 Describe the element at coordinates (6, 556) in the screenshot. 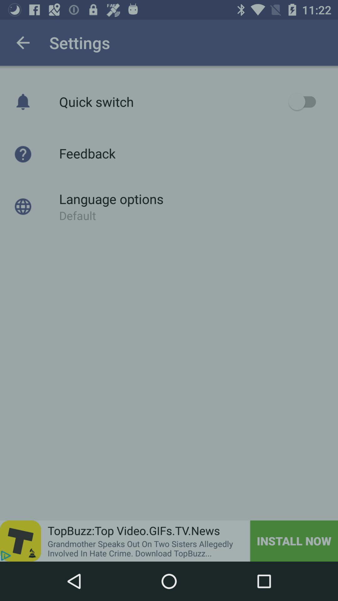

I see `the play icon` at that location.